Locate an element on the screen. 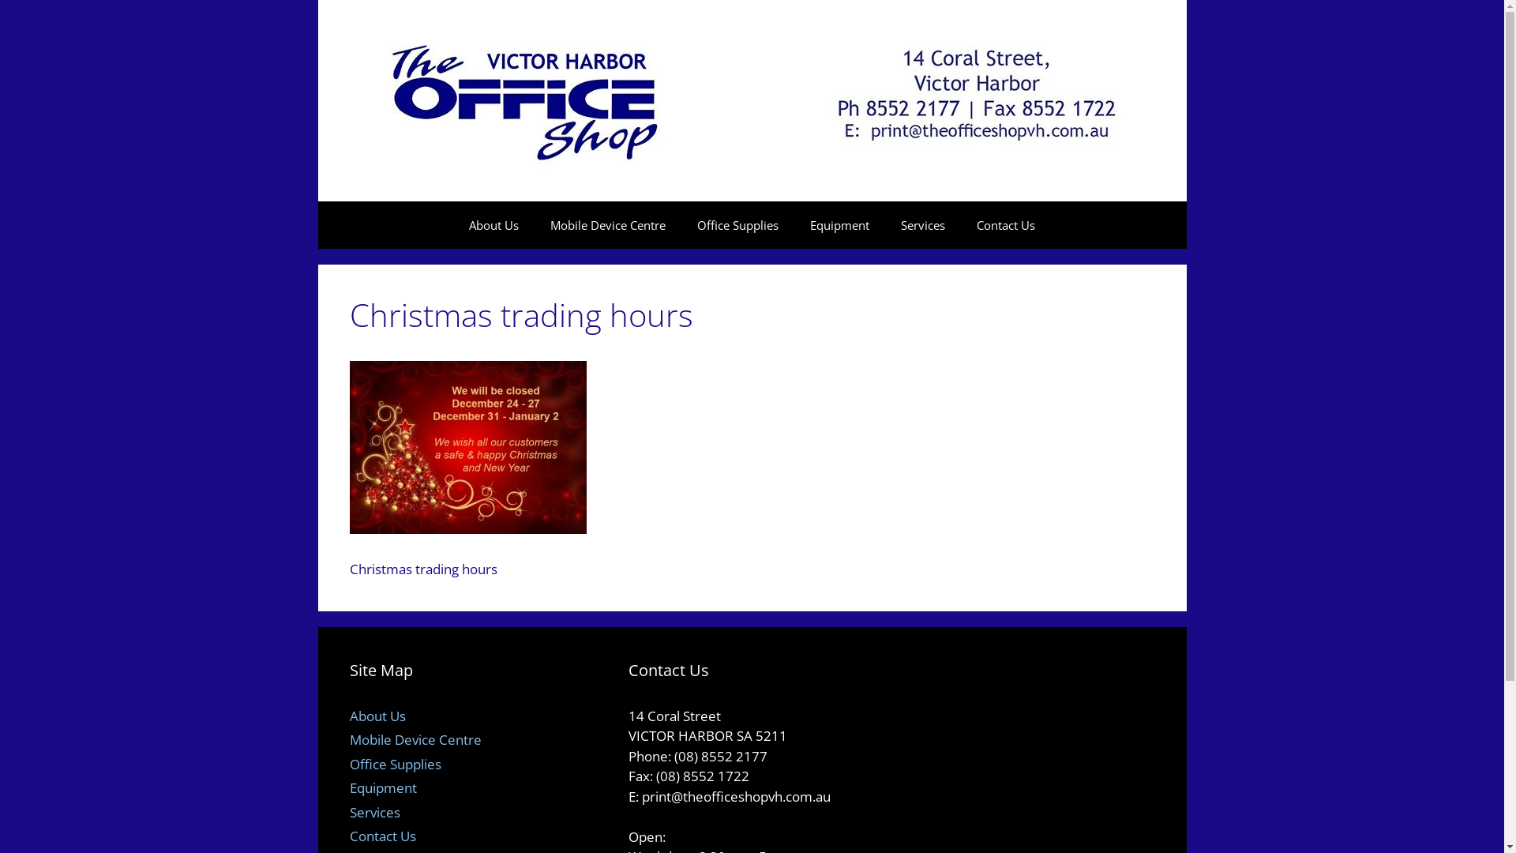 The height and width of the screenshot is (853, 1516). 'Services' is located at coordinates (373, 811).